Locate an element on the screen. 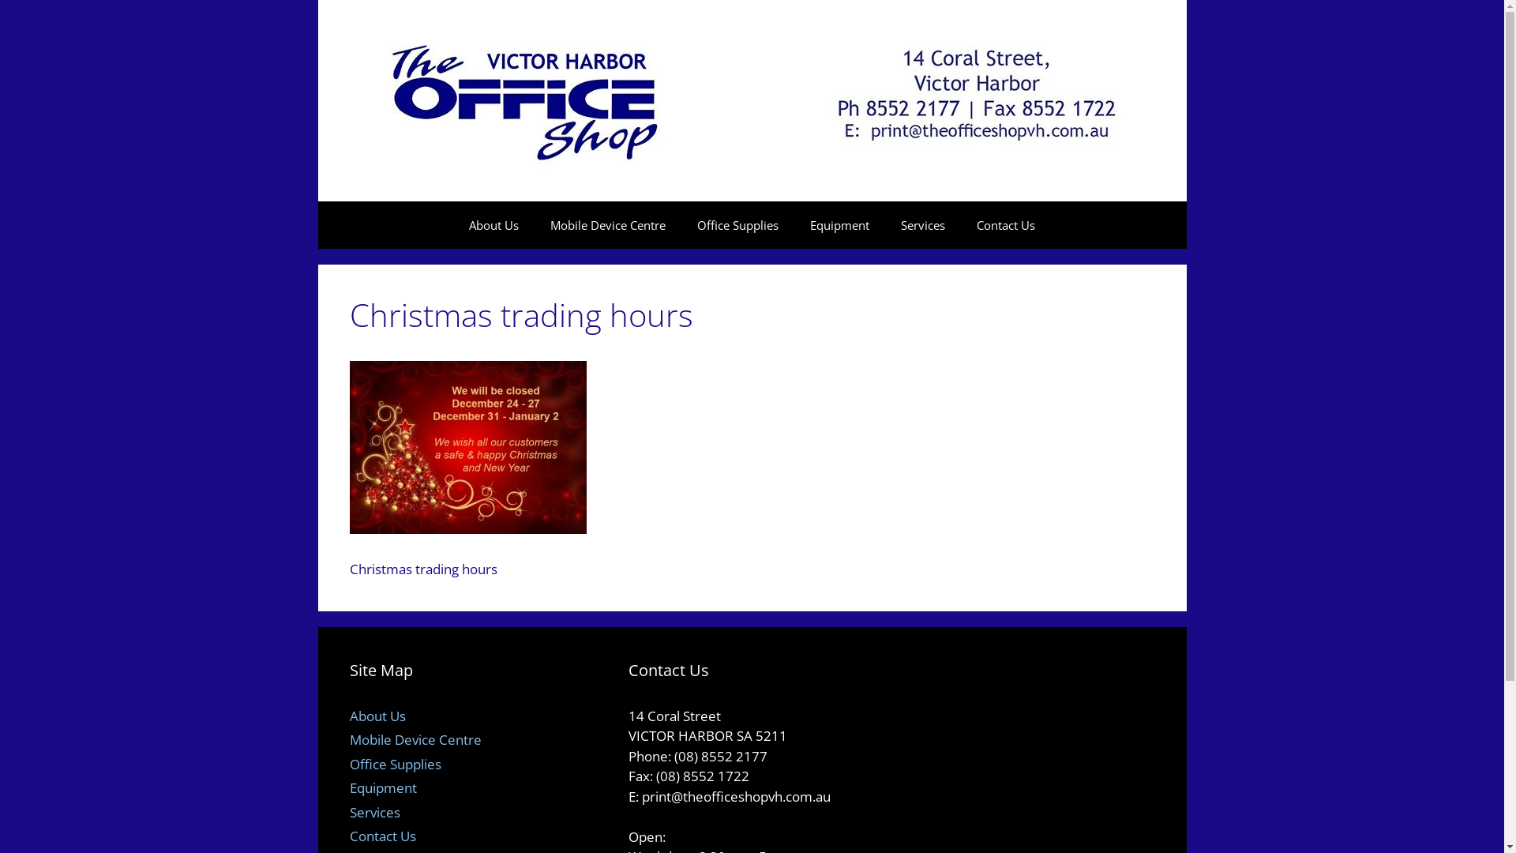 The height and width of the screenshot is (853, 1516). 'Services' is located at coordinates (373, 811).